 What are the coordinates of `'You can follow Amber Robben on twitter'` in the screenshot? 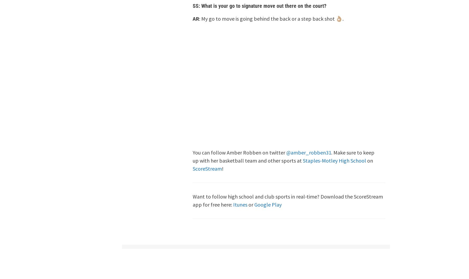 It's located at (239, 152).